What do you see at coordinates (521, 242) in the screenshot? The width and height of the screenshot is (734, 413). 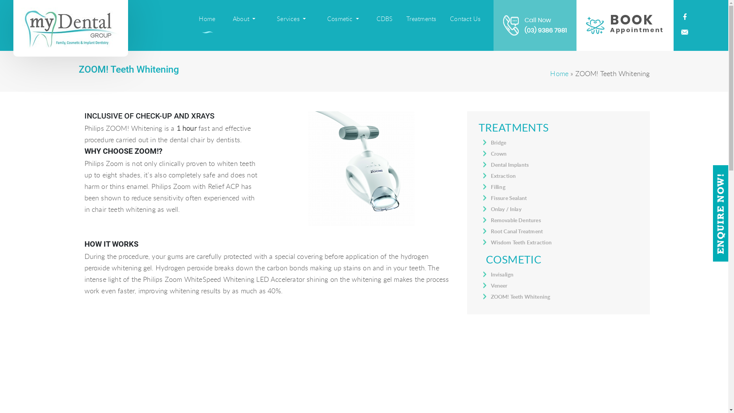 I see `'Wisdom Teeth Extraction'` at bounding box center [521, 242].